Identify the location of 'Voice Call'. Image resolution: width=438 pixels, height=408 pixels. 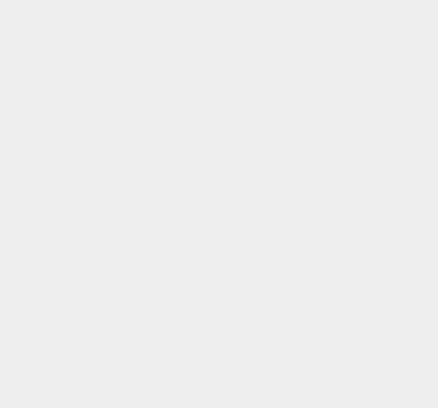
(320, 158).